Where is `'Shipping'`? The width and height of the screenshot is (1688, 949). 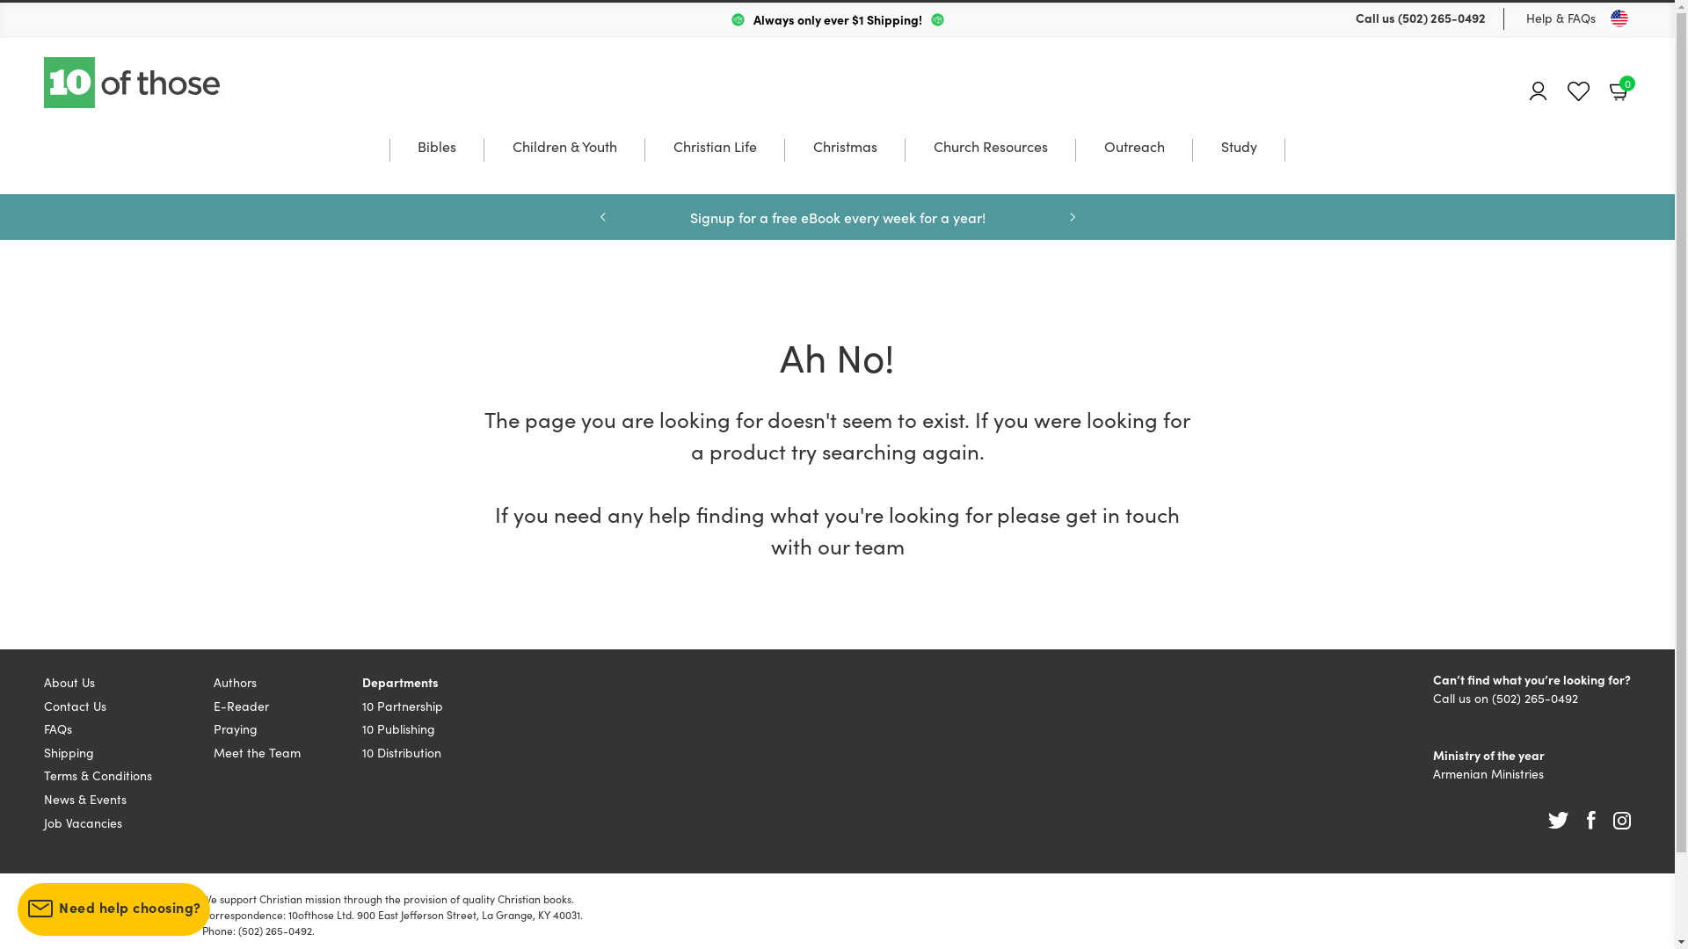
'Shipping' is located at coordinates (69, 751).